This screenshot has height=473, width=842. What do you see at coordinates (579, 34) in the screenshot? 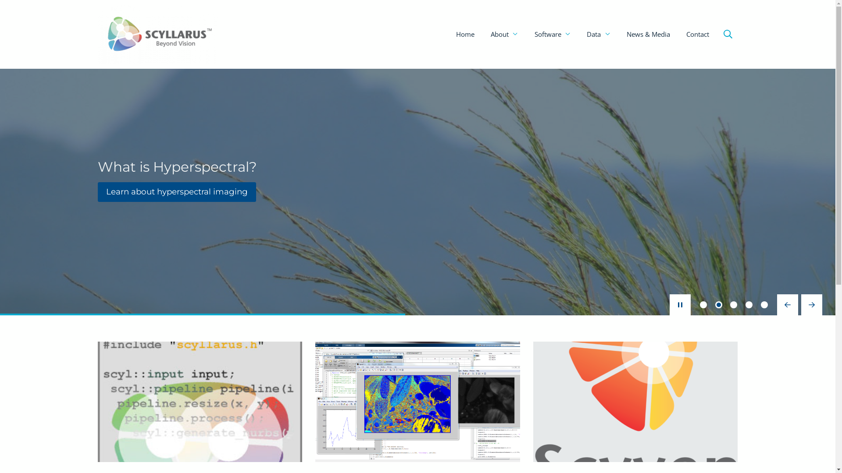
I see `'Data'` at bounding box center [579, 34].